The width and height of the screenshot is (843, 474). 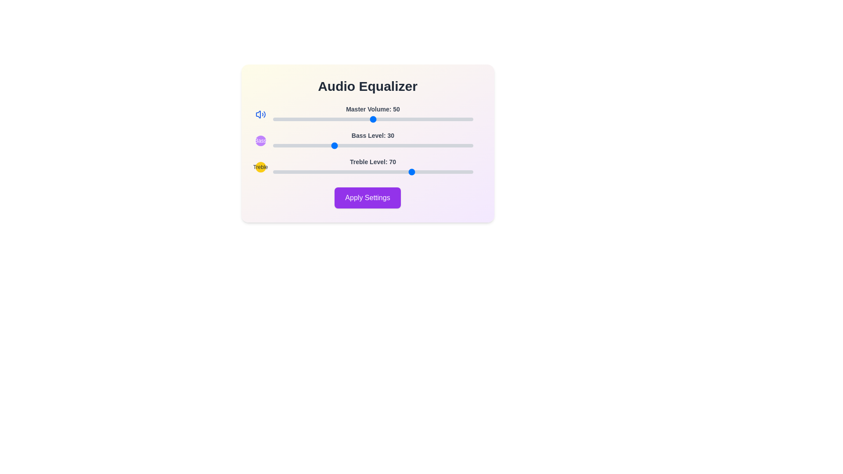 I want to click on the text label displaying 'Treble Level: 70', which is positioned to the left and above a horizontal slider in the audio equalization settings panel, so click(x=373, y=162).